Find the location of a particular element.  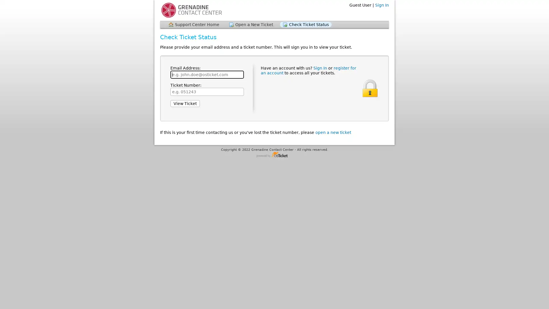

View Ticket is located at coordinates (185, 104).